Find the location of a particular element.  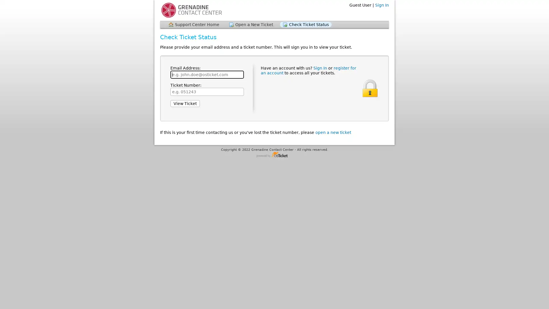

View Ticket is located at coordinates (185, 104).